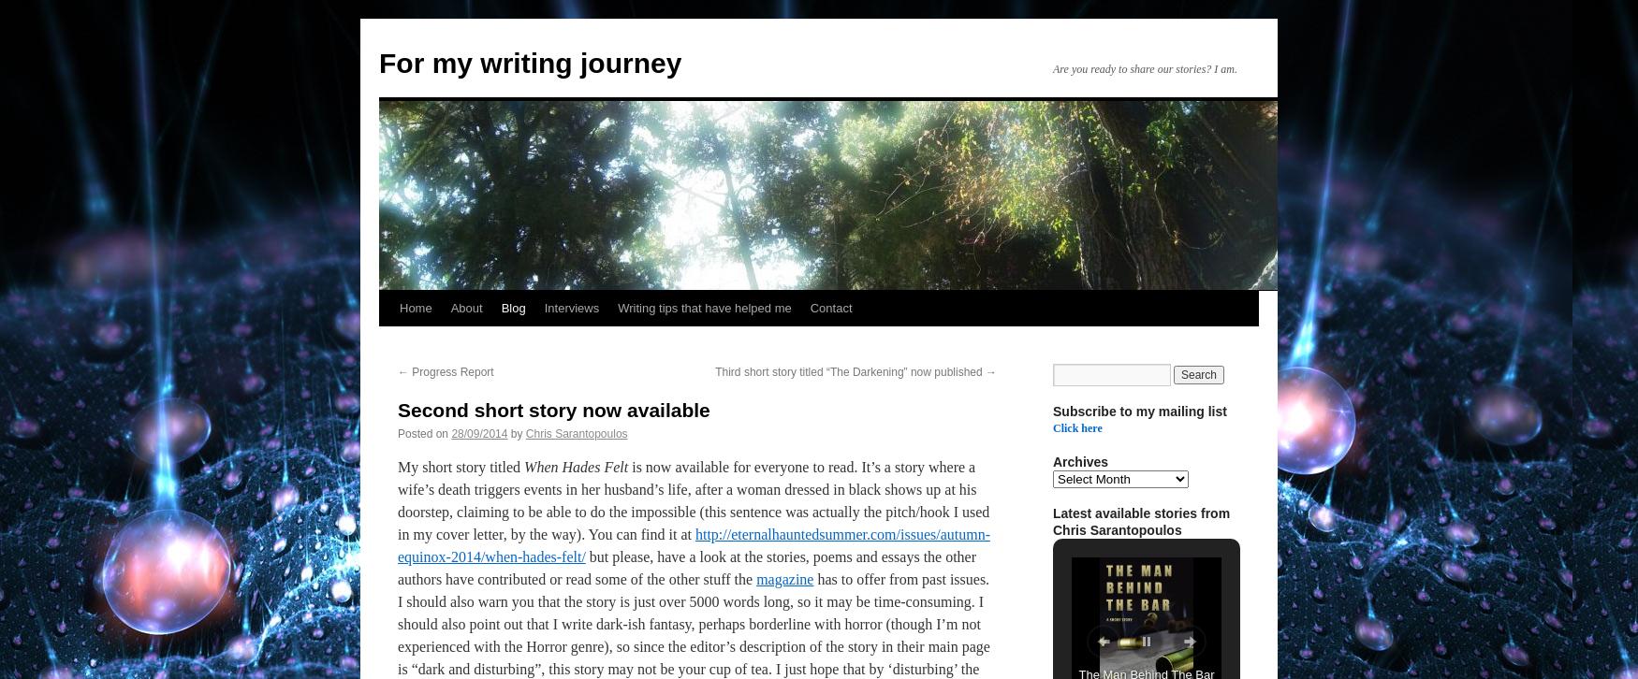  What do you see at coordinates (576, 433) in the screenshot?
I see `'Chris Sarantopoulos'` at bounding box center [576, 433].